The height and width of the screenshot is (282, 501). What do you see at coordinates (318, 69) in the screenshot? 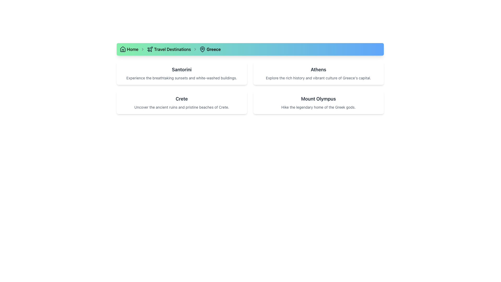
I see `the text element displaying 'Athens' styled in bold, larger font on a white card in the grid layout` at bounding box center [318, 69].